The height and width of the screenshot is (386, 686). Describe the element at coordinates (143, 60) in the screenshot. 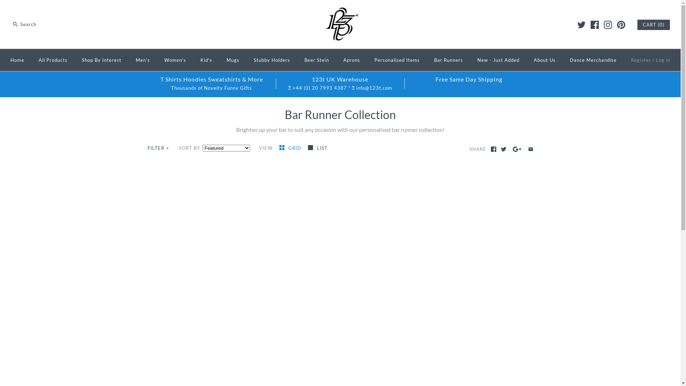

I see `'Men's'` at that location.